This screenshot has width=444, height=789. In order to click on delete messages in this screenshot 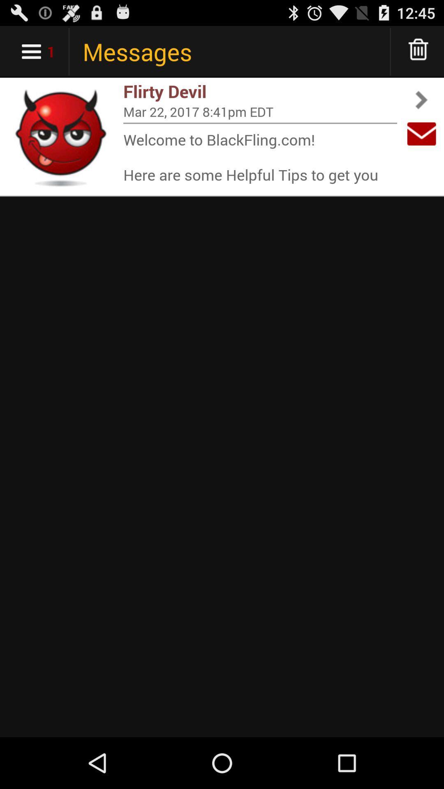, I will do `click(419, 51)`.